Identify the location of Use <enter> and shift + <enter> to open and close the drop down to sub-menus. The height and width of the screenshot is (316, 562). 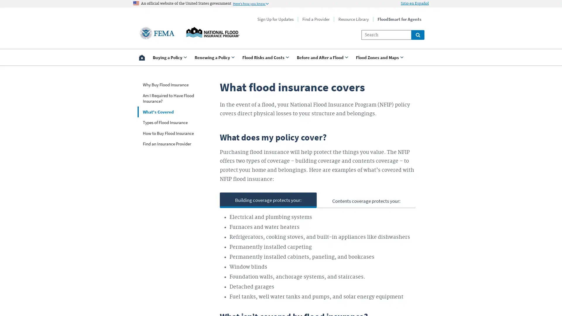
(215, 57).